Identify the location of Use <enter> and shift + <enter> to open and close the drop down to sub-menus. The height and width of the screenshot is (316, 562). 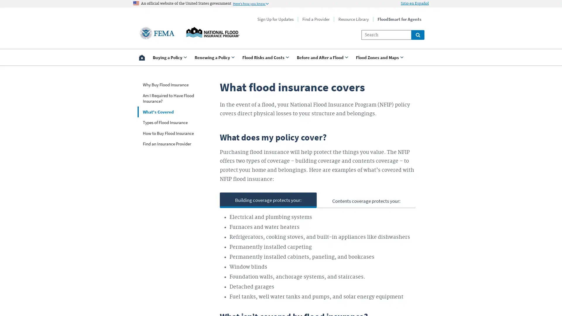
(215, 57).